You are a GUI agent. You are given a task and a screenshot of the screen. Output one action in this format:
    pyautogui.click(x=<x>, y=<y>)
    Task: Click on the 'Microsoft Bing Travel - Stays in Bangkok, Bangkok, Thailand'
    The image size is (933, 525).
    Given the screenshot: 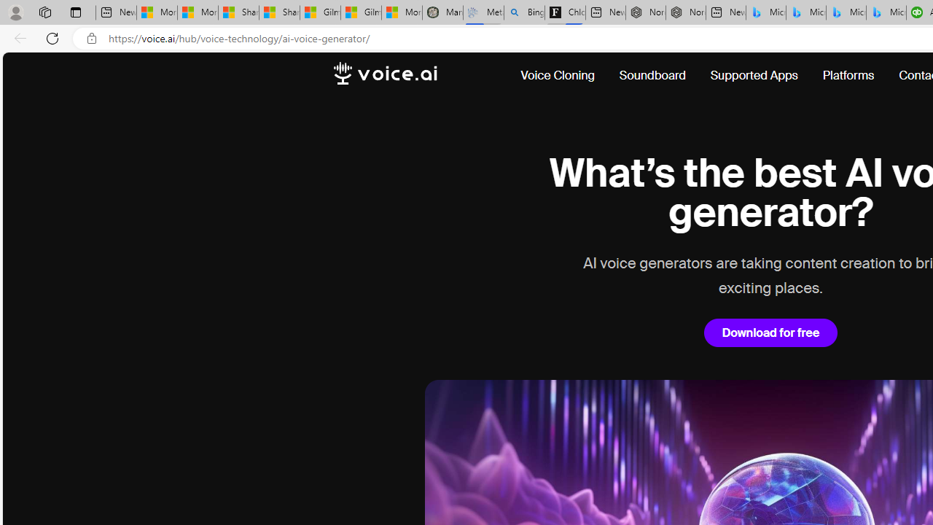 What is the action you would take?
    pyautogui.click(x=805, y=12)
    